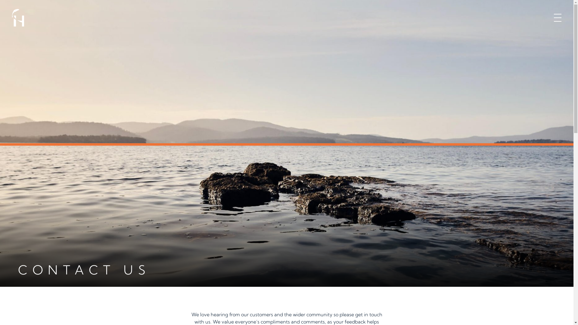 The height and width of the screenshot is (325, 578). I want to click on 'Menu', so click(557, 17).